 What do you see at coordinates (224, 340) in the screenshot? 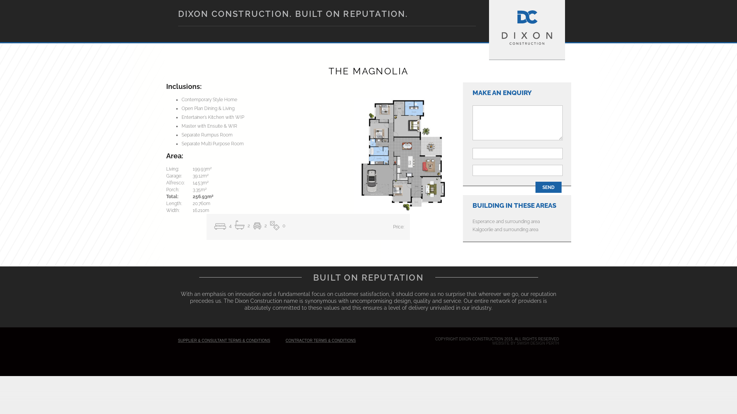
I see `'SUPPLIER & CONSULTANT TERMS & CONDITIONS'` at bounding box center [224, 340].